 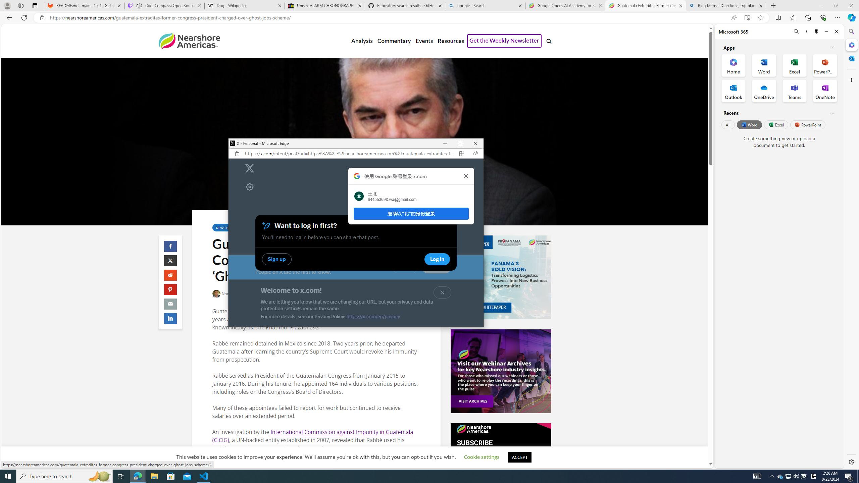 I want to click on 'PowerPoint', so click(x=807, y=124).